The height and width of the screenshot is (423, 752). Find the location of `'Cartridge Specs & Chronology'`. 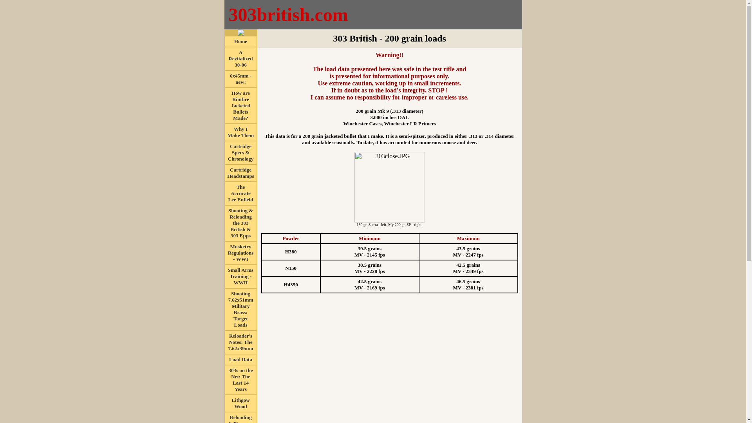

'Cartridge Specs & Chronology' is located at coordinates (240, 152).